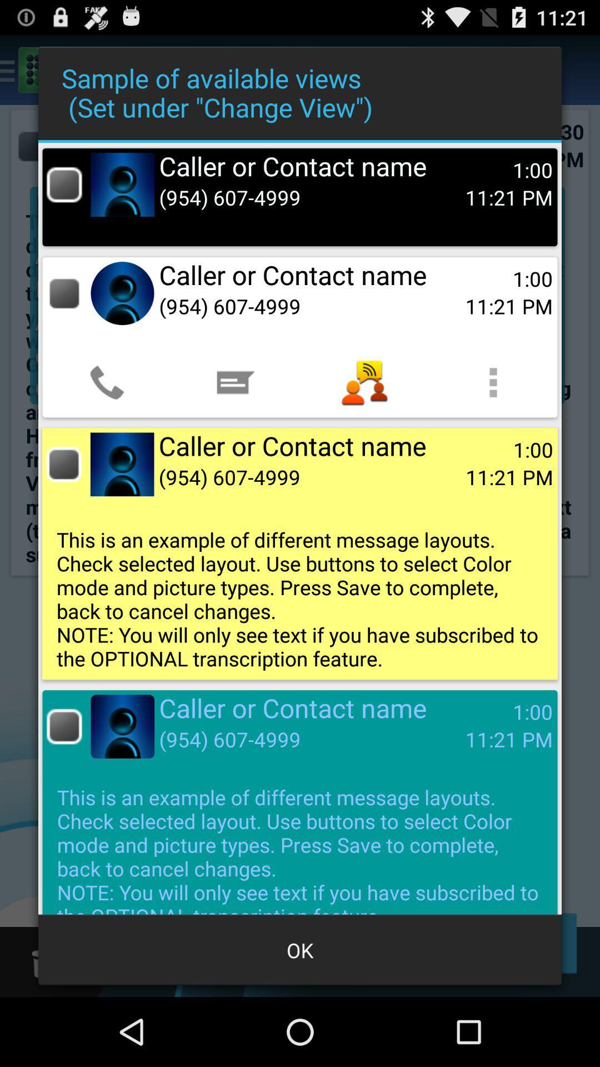 The image size is (600, 1067). I want to click on end call, so click(64, 726).